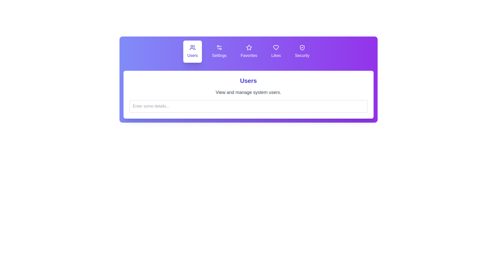 Image resolution: width=484 pixels, height=272 pixels. I want to click on the tab labeled Favorites to read its description, so click(249, 51).